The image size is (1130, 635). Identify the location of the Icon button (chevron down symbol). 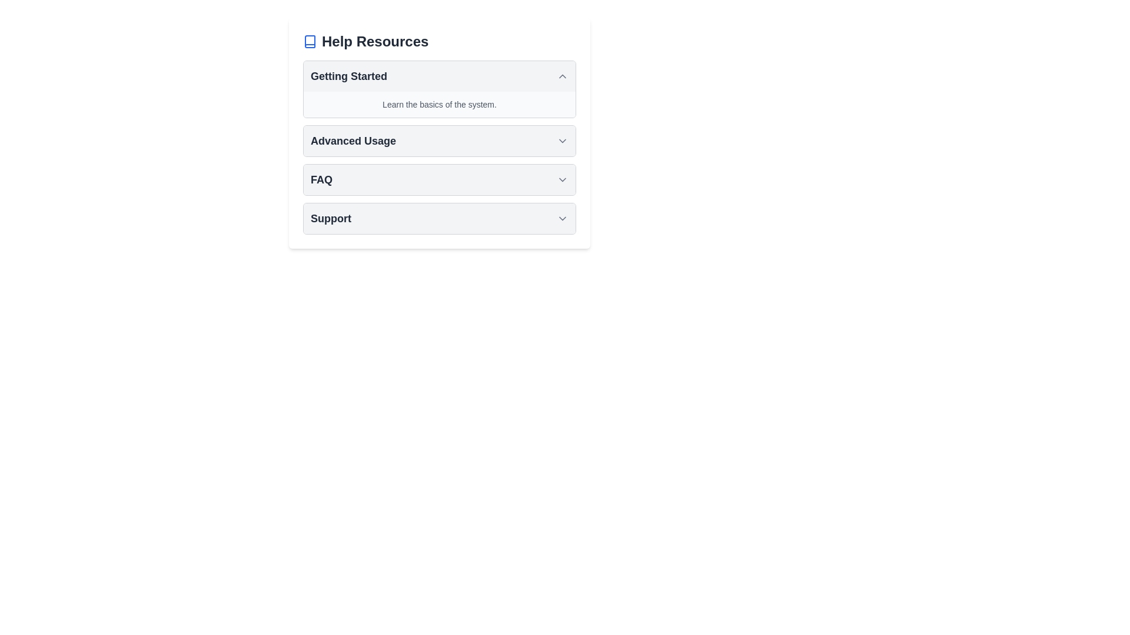
(561, 179).